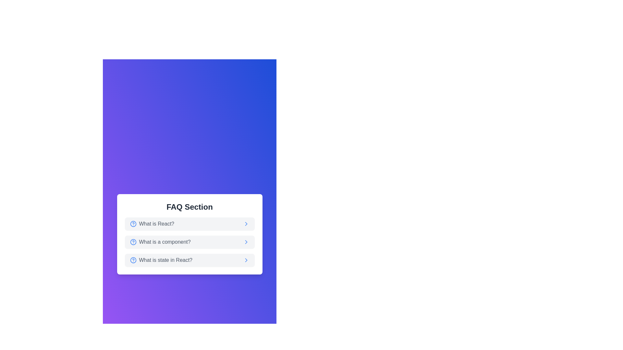 This screenshot has height=350, width=623. Describe the element at coordinates (133, 242) in the screenshot. I see `the blue circular icon with a question mark inside, located at the leftmost side of the row containing the text 'What is a component?' in the FAQ Section` at that location.